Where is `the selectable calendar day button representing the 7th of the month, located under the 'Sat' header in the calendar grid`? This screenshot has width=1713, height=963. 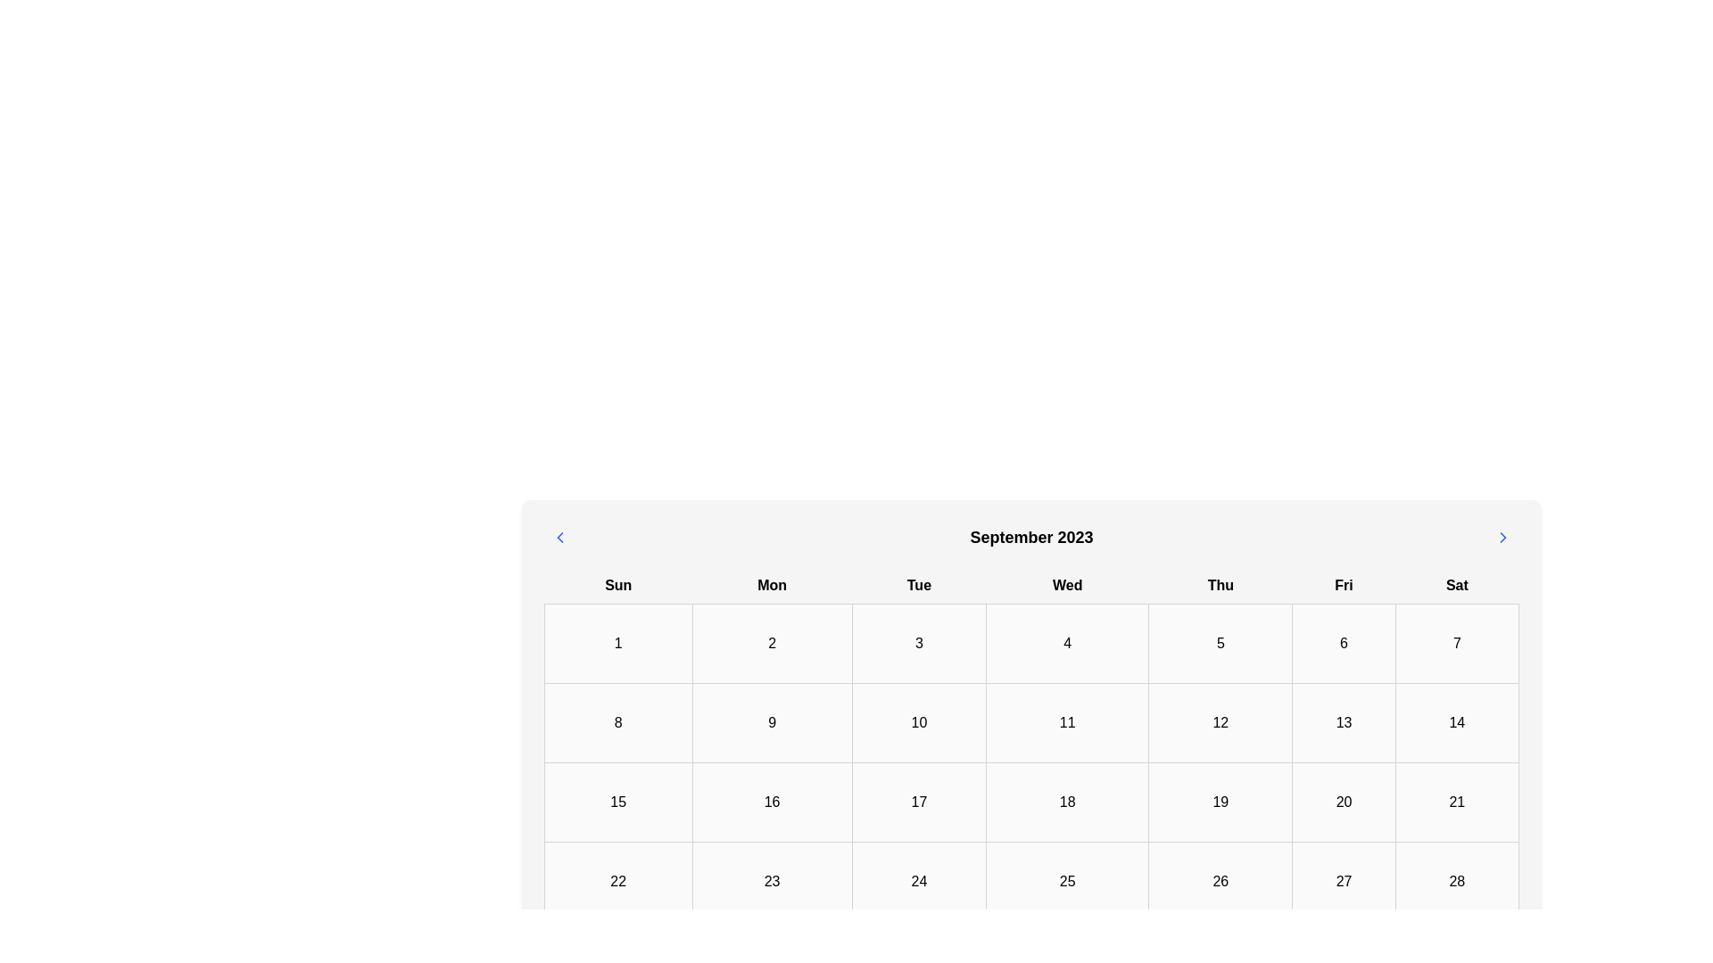
the selectable calendar day button representing the 7th of the month, located under the 'Sat' header in the calendar grid is located at coordinates (1457, 643).